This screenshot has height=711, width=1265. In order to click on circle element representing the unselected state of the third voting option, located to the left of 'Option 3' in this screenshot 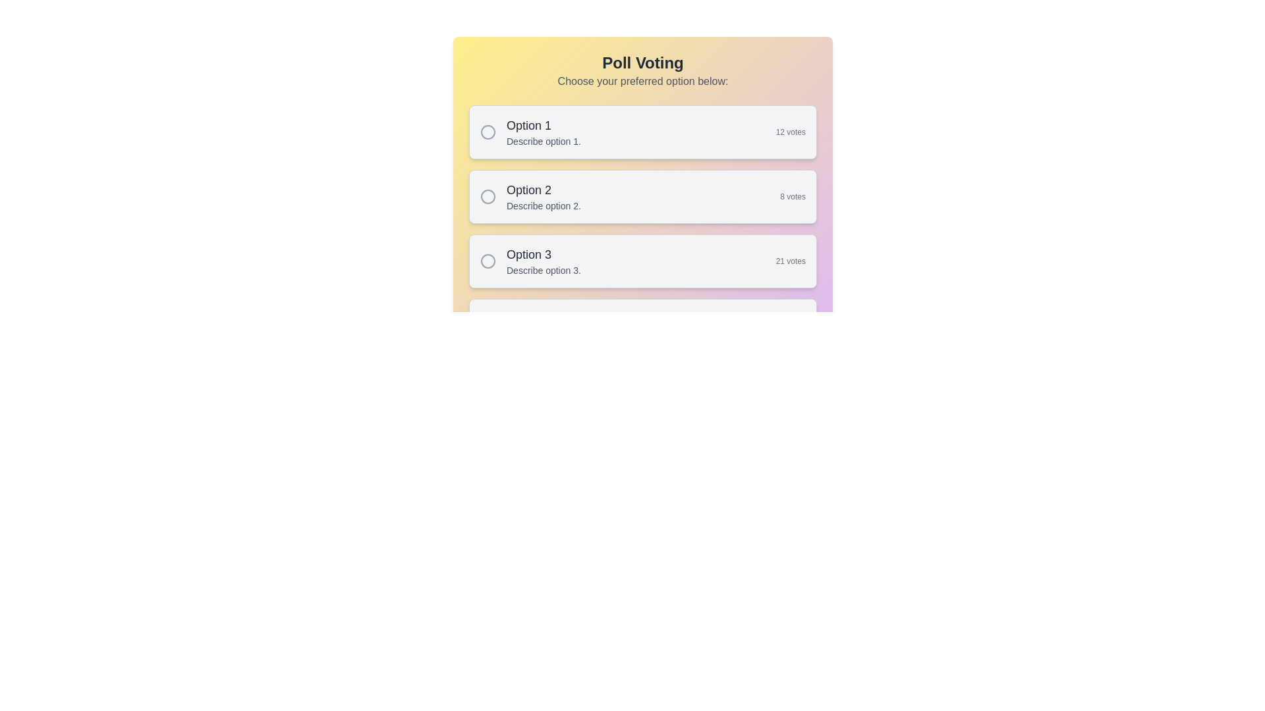, I will do `click(487, 261)`.